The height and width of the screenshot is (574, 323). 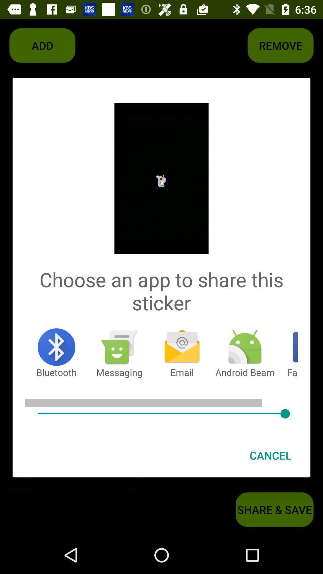 What do you see at coordinates (270, 455) in the screenshot?
I see `the cancel at the bottom right corner` at bounding box center [270, 455].